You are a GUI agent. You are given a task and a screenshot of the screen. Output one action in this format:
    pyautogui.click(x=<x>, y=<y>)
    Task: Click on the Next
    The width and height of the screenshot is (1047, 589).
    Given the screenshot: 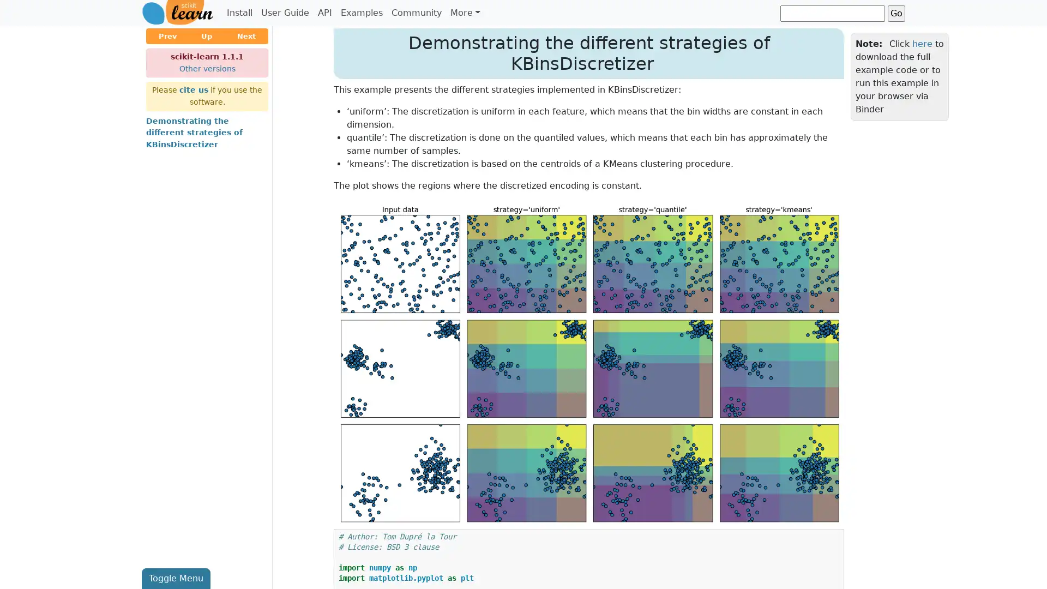 What is the action you would take?
    pyautogui.click(x=245, y=35)
    